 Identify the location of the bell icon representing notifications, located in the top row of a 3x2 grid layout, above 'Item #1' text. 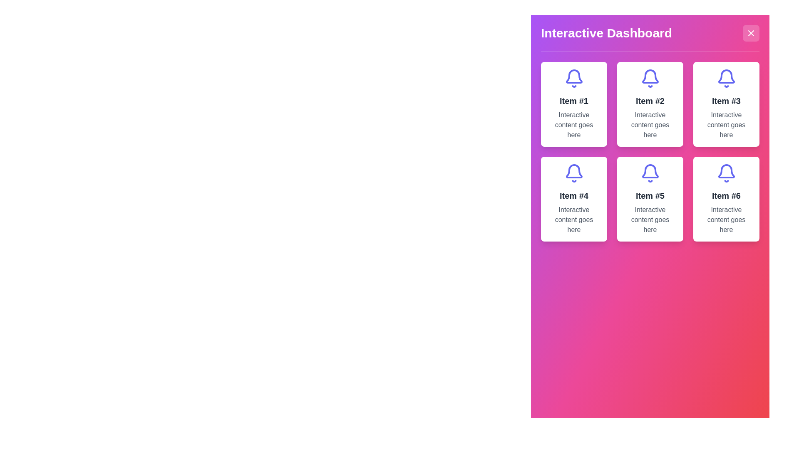
(573, 79).